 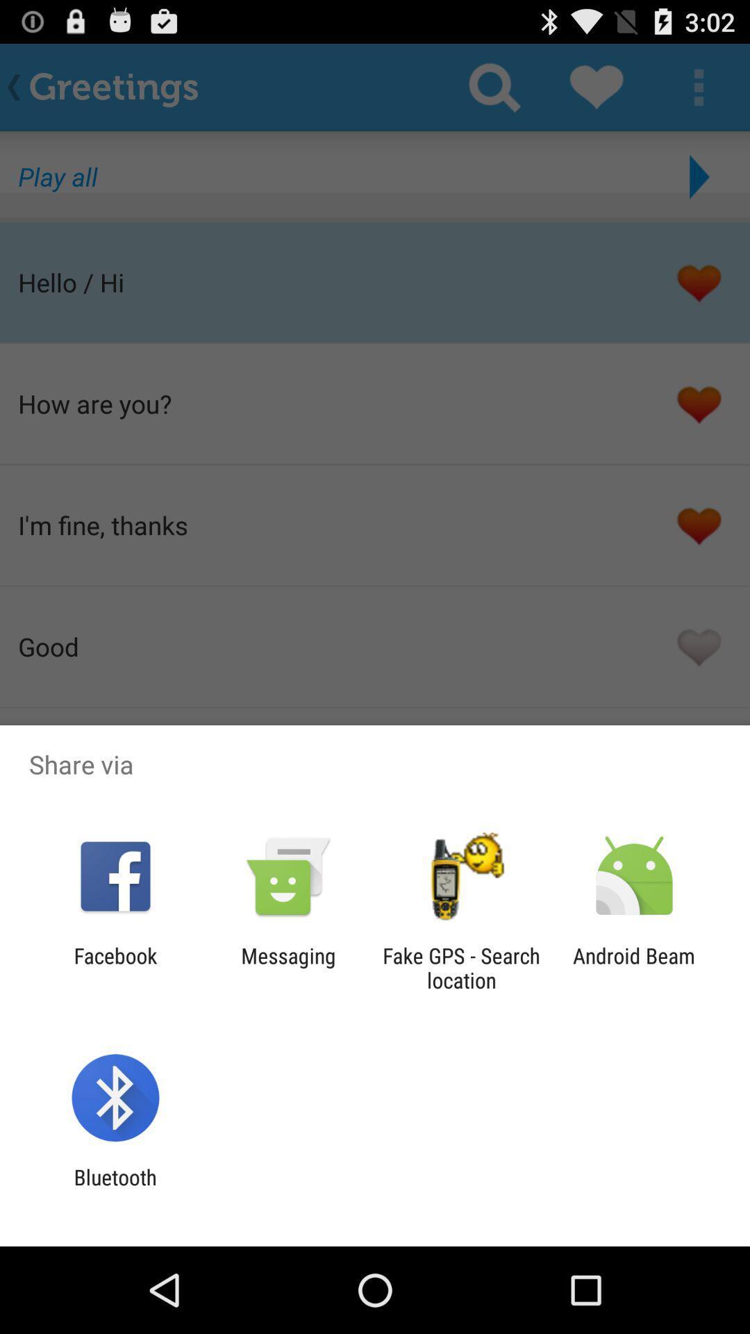 What do you see at coordinates (461, 967) in the screenshot?
I see `fake gps search icon` at bounding box center [461, 967].